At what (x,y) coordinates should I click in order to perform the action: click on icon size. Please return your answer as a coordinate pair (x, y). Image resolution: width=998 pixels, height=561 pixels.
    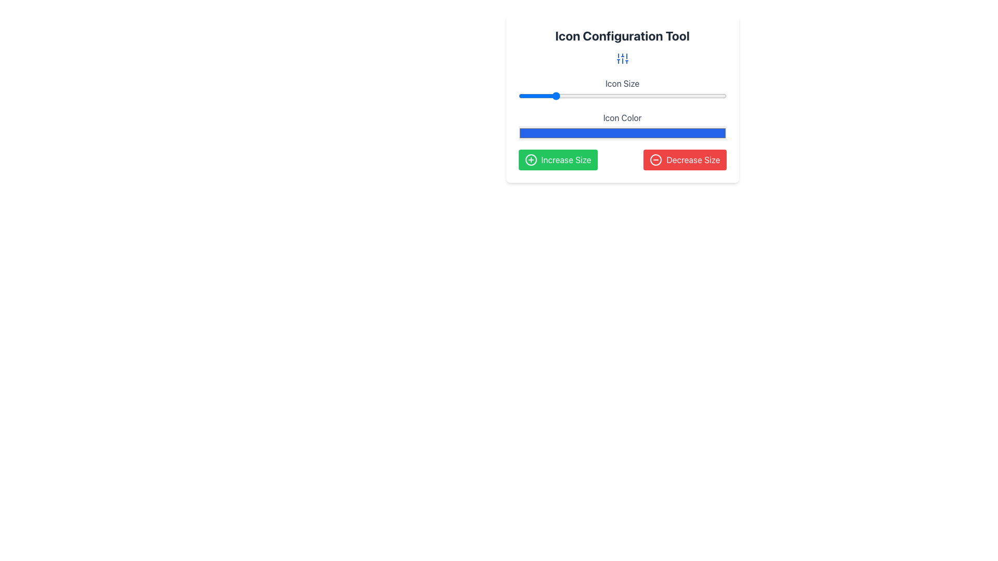
    Looking at the image, I should click on (696, 96).